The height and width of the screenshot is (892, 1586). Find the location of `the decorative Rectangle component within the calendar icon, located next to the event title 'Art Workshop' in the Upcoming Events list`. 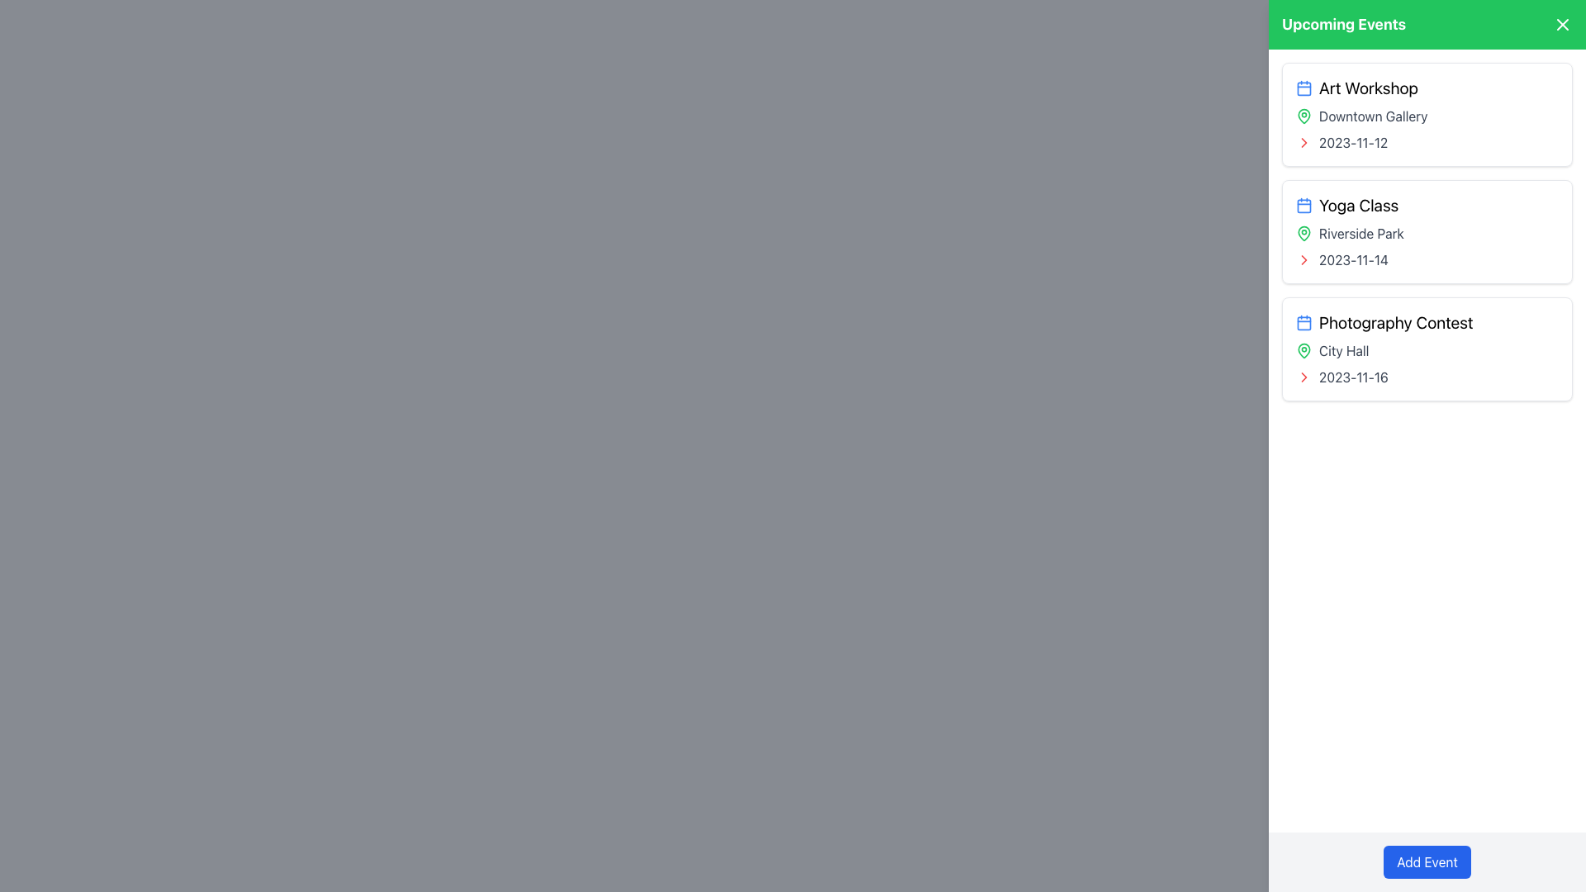

the decorative Rectangle component within the calendar icon, located next to the event title 'Art Workshop' in the Upcoming Events list is located at coordinates (1303, 88).